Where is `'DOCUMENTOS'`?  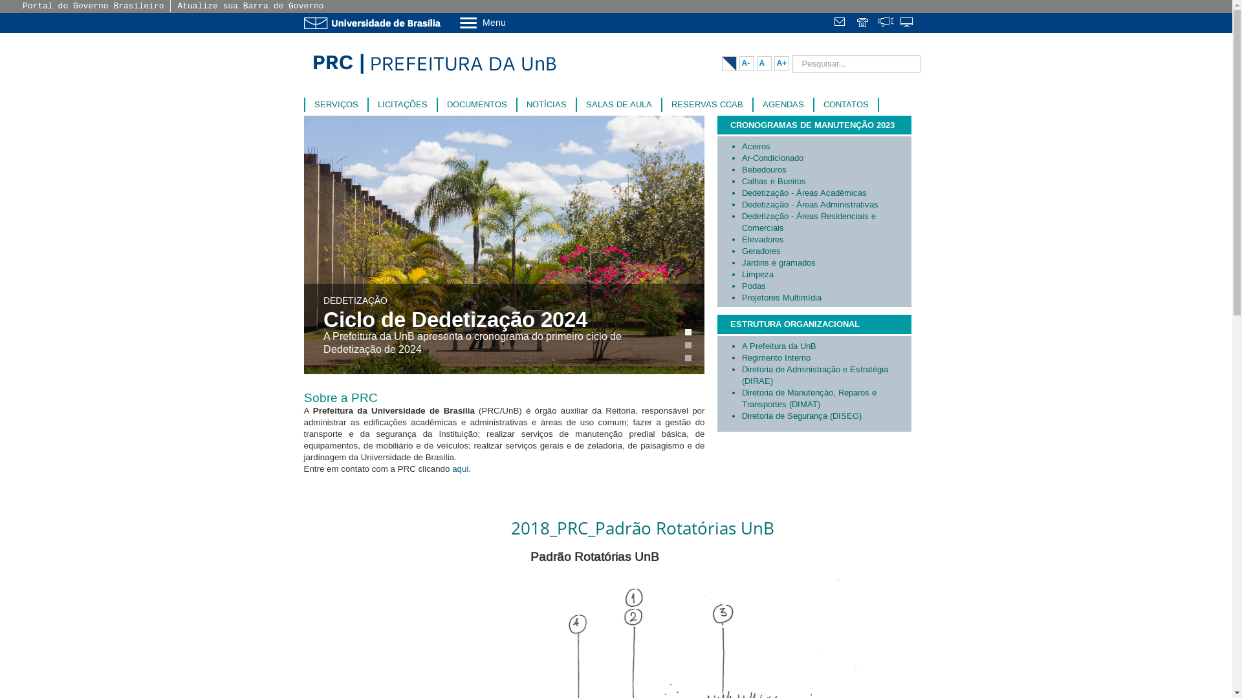 'DOCUMENTOS' is located at coordinates (475, 104).